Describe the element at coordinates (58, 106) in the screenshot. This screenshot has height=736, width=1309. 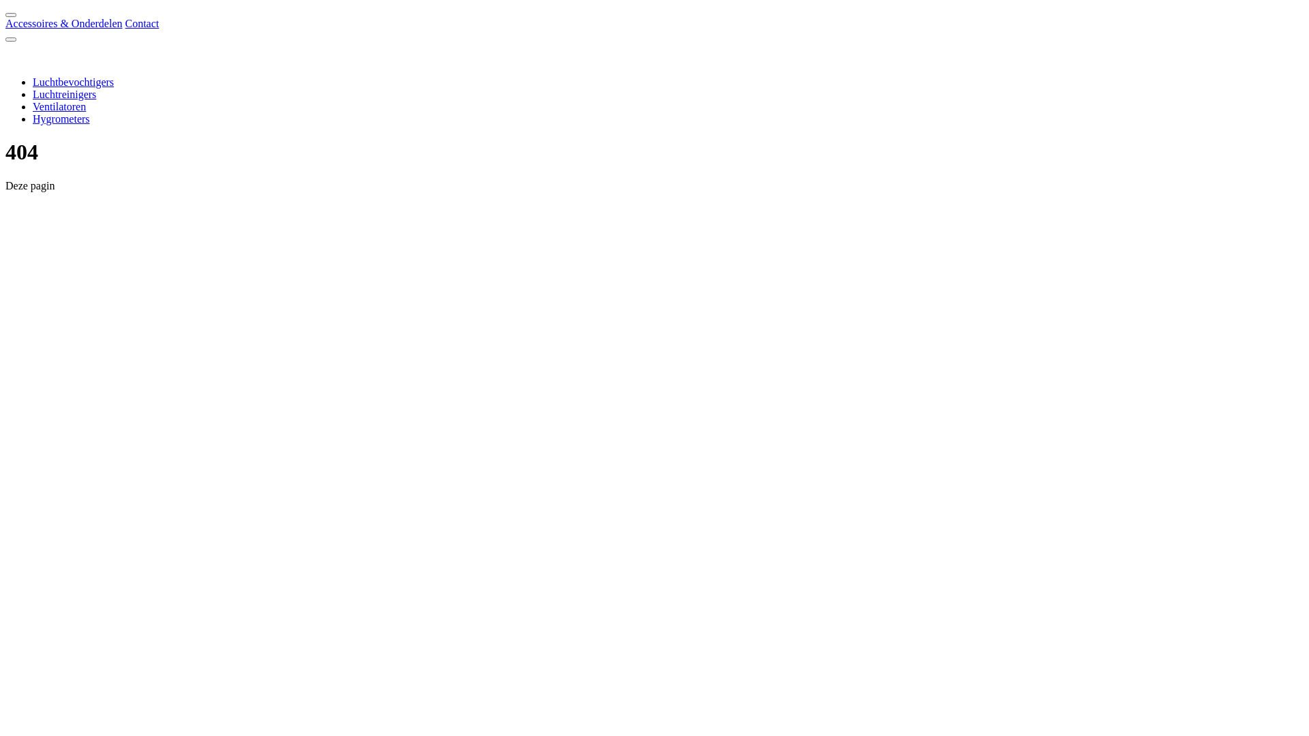
I see `'Ventilatoren'` at that location.